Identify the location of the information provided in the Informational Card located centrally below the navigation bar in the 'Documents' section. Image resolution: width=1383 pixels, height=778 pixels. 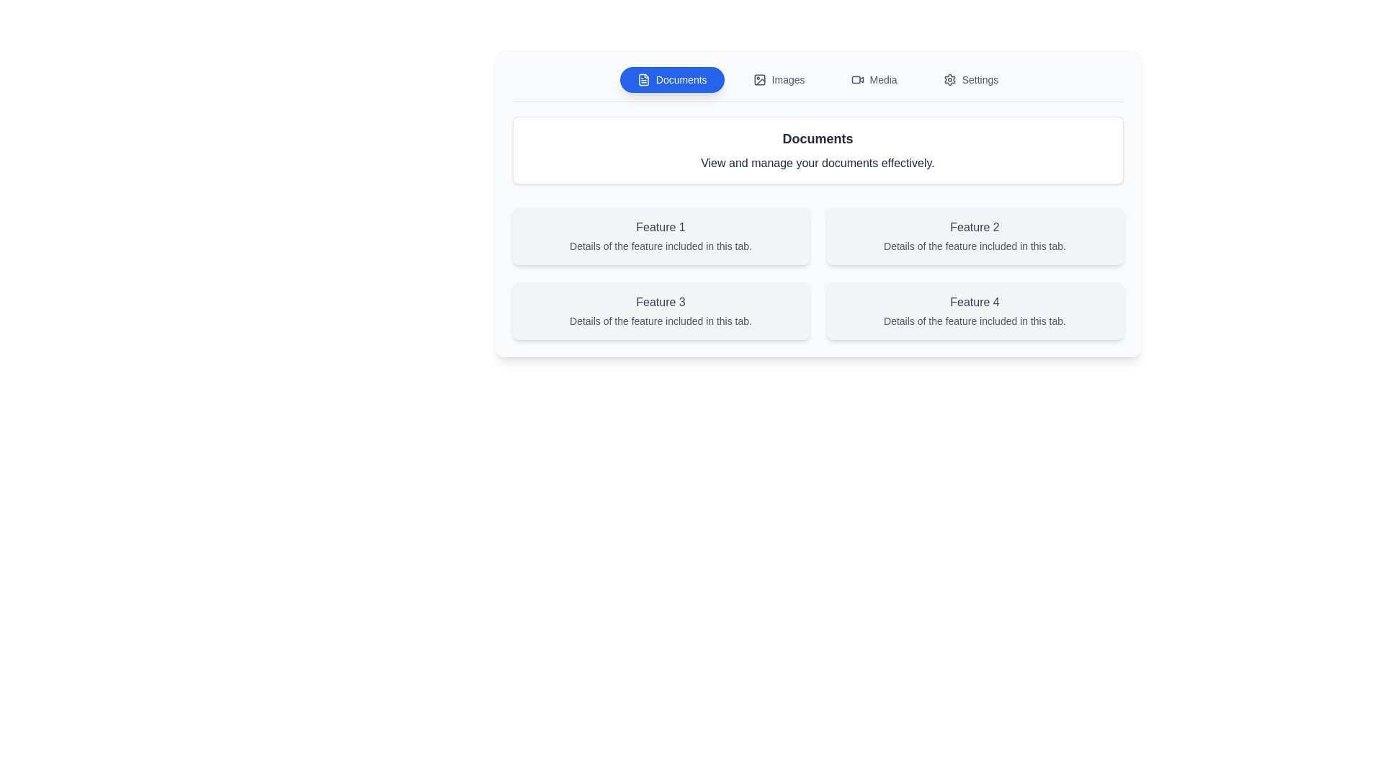
(818, 203).